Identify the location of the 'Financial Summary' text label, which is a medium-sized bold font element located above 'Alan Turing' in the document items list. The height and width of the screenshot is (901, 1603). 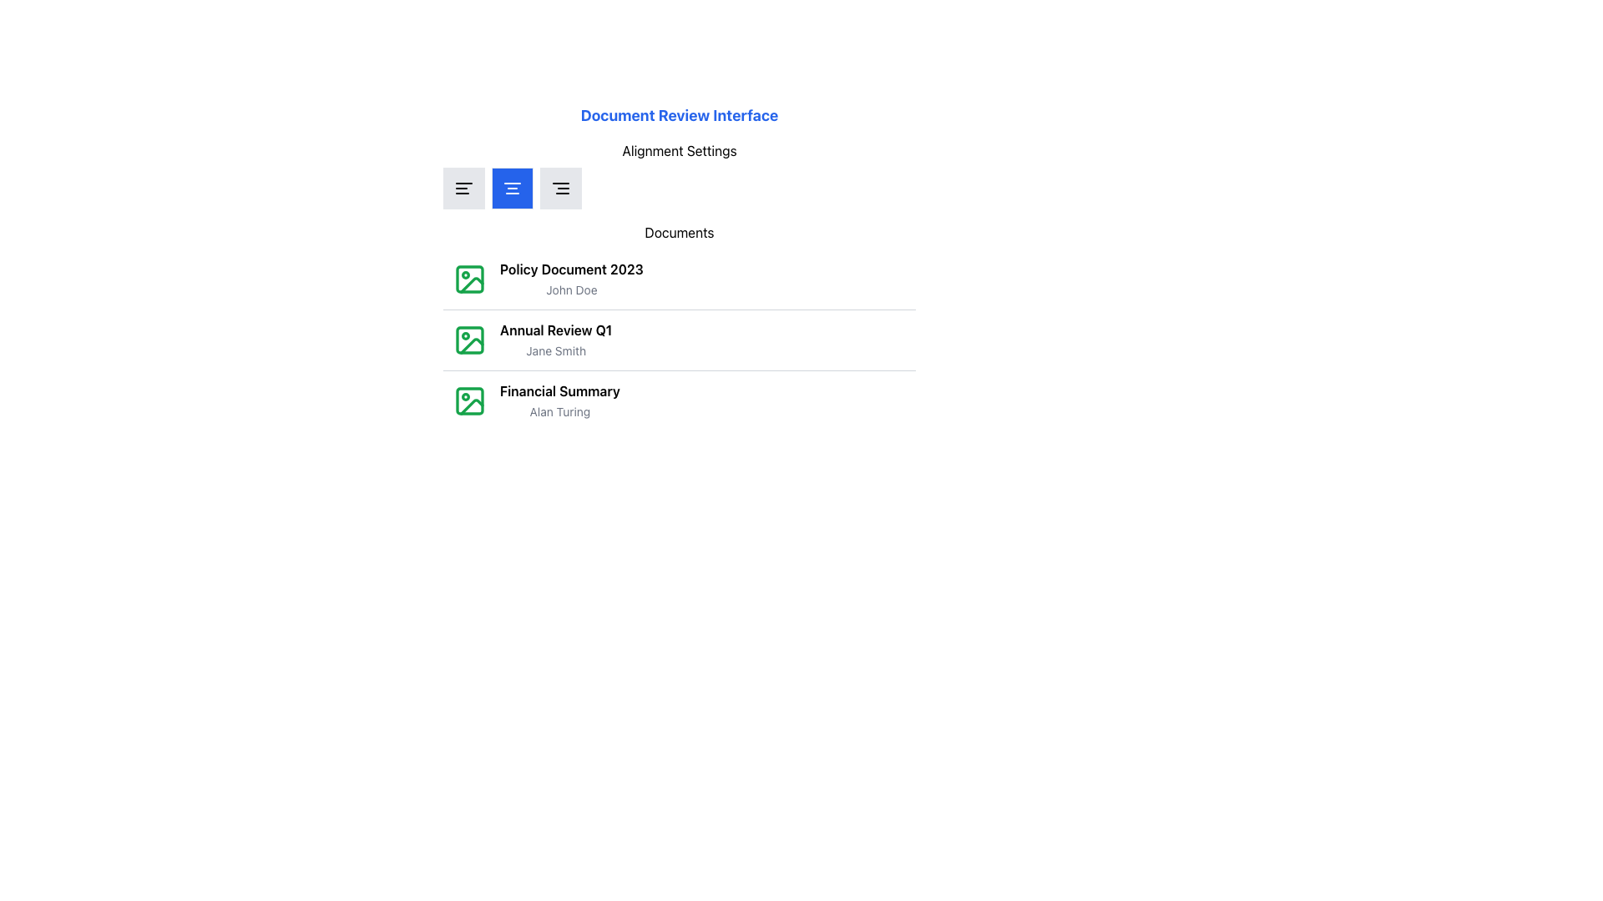
(559, 391).